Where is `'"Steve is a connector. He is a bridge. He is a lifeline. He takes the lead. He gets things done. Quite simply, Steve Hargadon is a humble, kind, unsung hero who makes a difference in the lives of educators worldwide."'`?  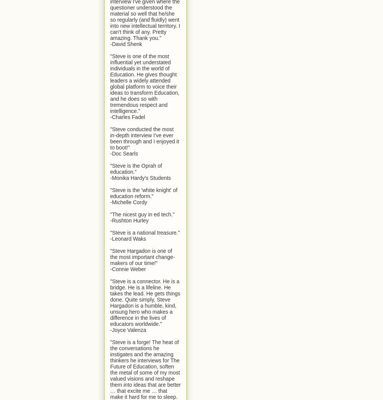 '"Steve is a connector. He is a bridge. He is a lifeline. He takes the lead. He gets things done. Quite simply, Steve Hargadon is a humble, kind, unsung hero who makes a difference in the lives of educators worldwide."' is located at coordinates (110, 302).